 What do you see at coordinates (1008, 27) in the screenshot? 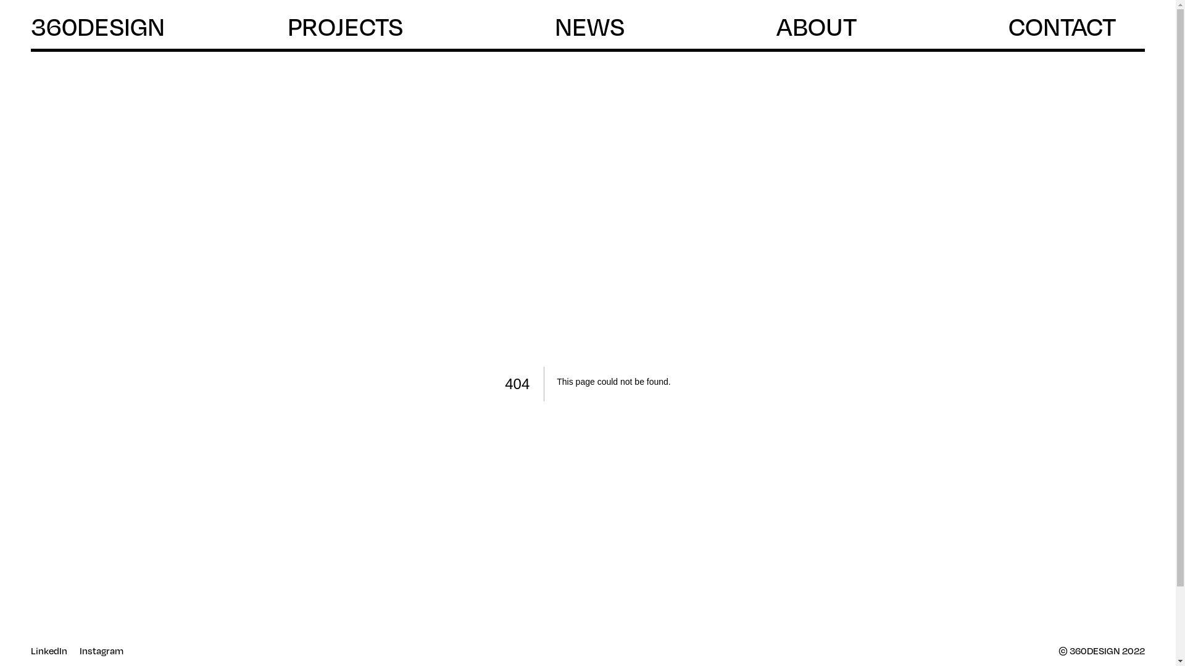
I see `'CONTACT'` at bounding box center [1008, 27].